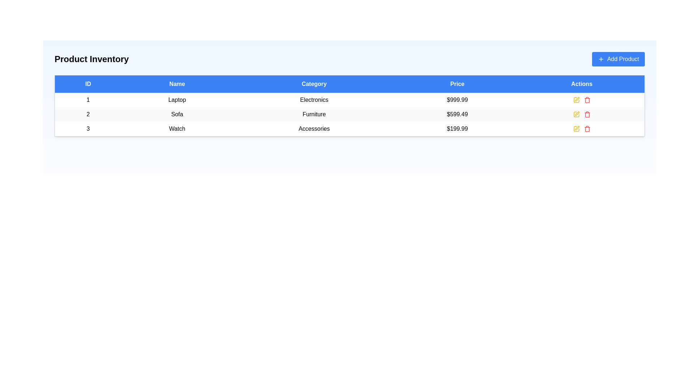  I want to click on the text label displaying 'Sofa', which is styled in a standard font and centered in the second row of a table under the 'Name' column, so click(177, 114).